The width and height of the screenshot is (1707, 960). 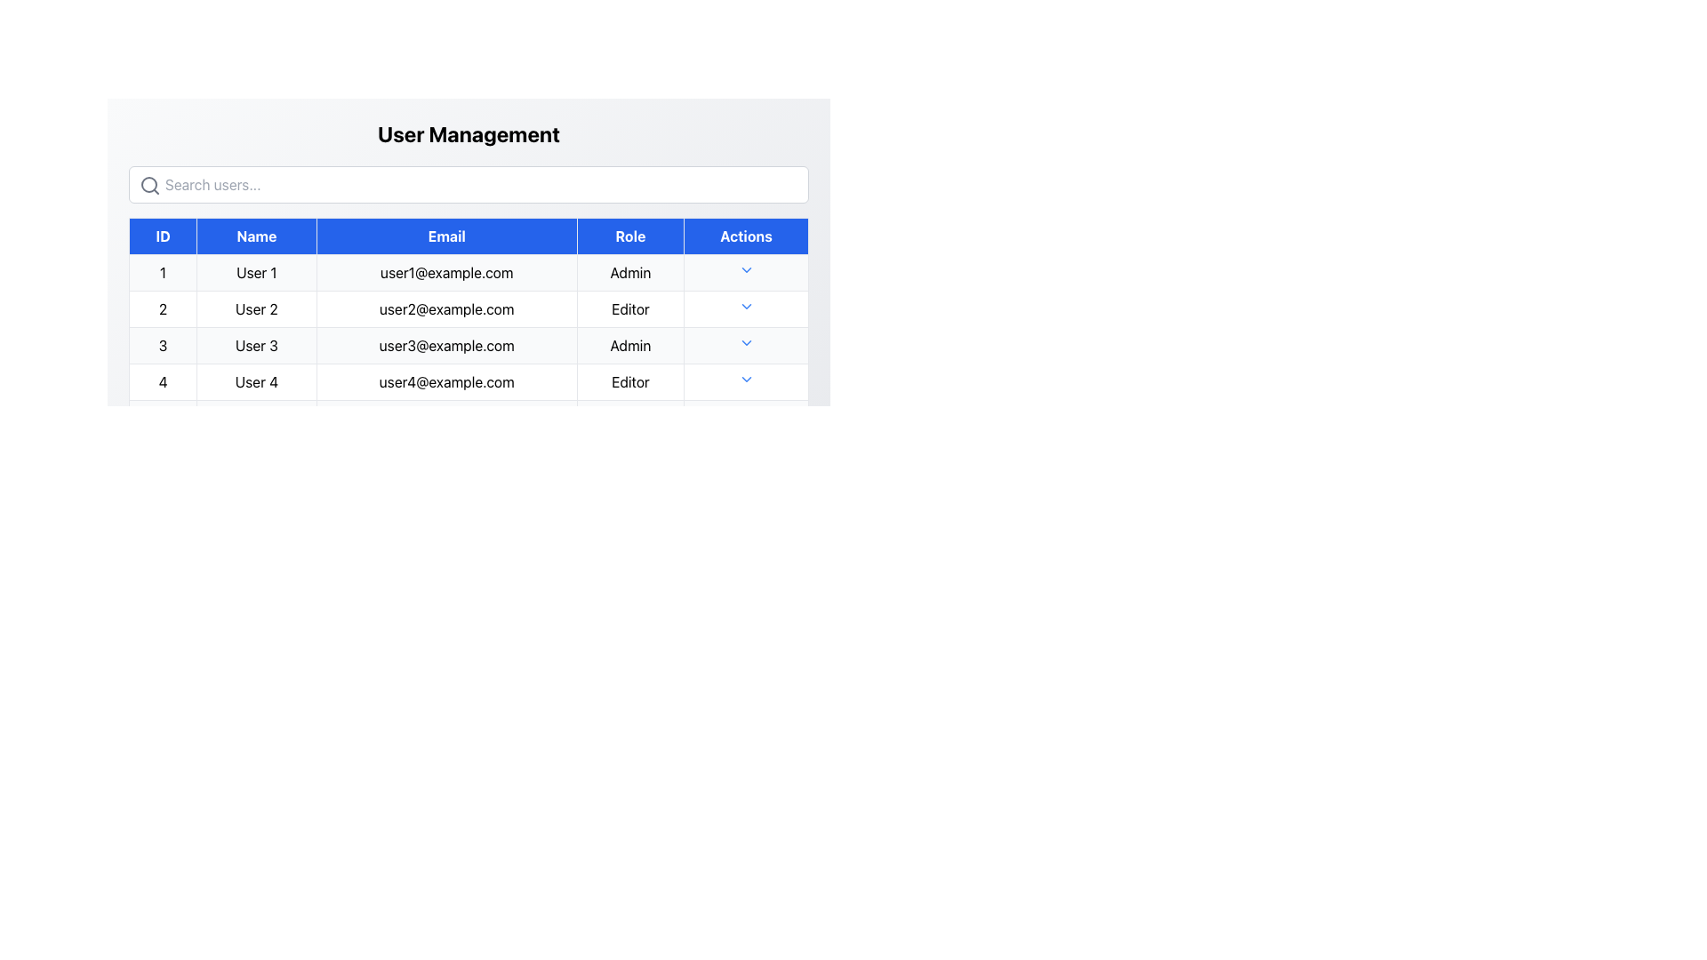 I want to click on text displayed in the cell labeled 'User 3' located in the 'Name' column of the third row of the table, so click(x=255, y=346).